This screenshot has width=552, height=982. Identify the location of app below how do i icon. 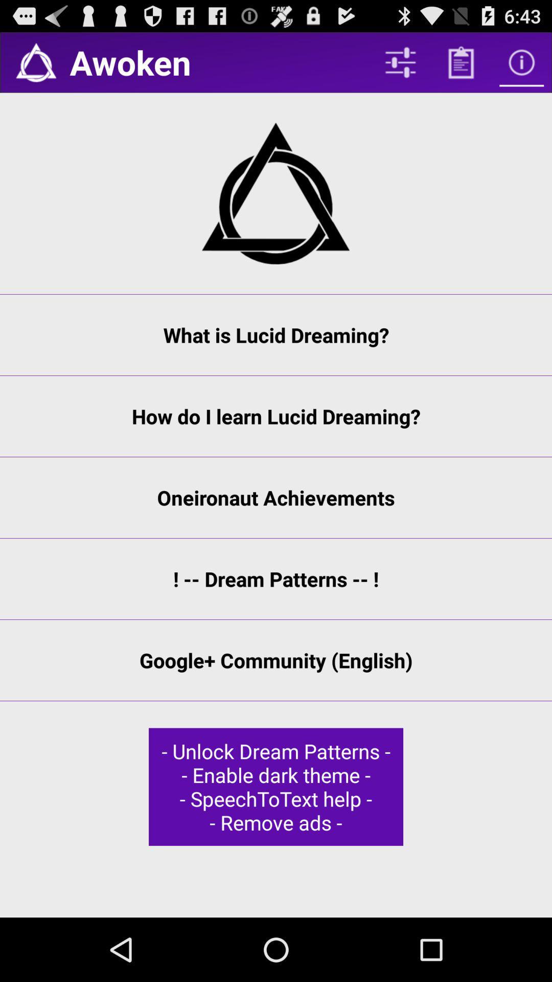
(276, 498).